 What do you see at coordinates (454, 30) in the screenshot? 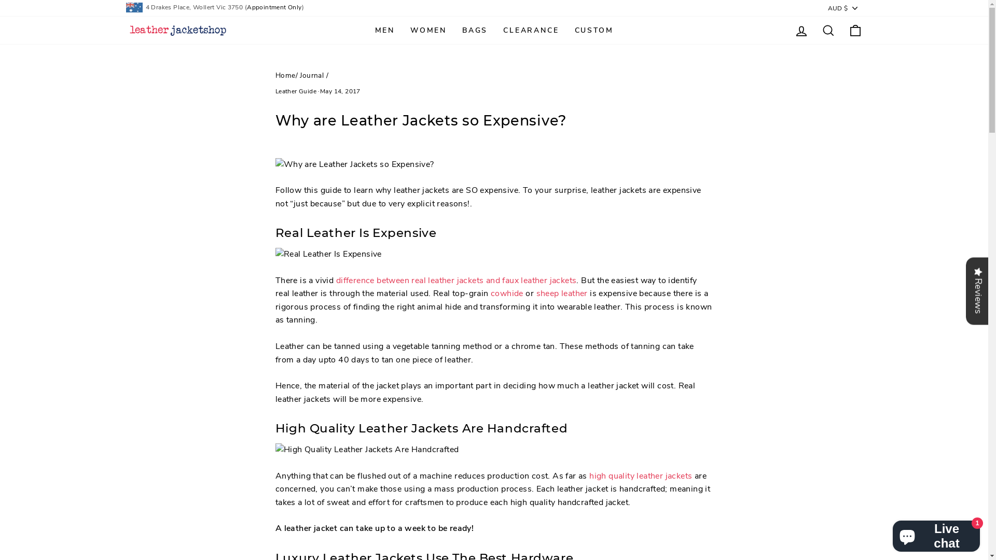
I see `'BAGS'` at bounding box center [454, 30].